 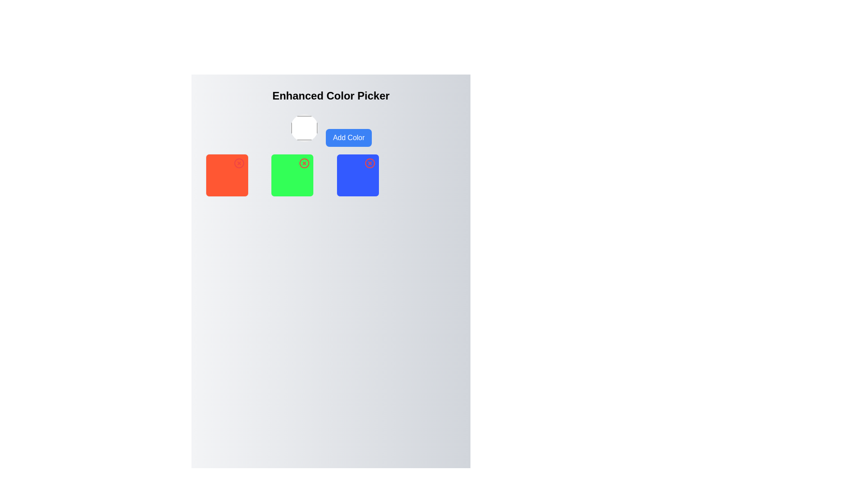 What do you see at coordinates (304, 163) in the screenshot?
I see `the SVG Circle element that is part of the 'X' delete icon within the green square in the color picker grid layout` at bounding box center [304, 163].